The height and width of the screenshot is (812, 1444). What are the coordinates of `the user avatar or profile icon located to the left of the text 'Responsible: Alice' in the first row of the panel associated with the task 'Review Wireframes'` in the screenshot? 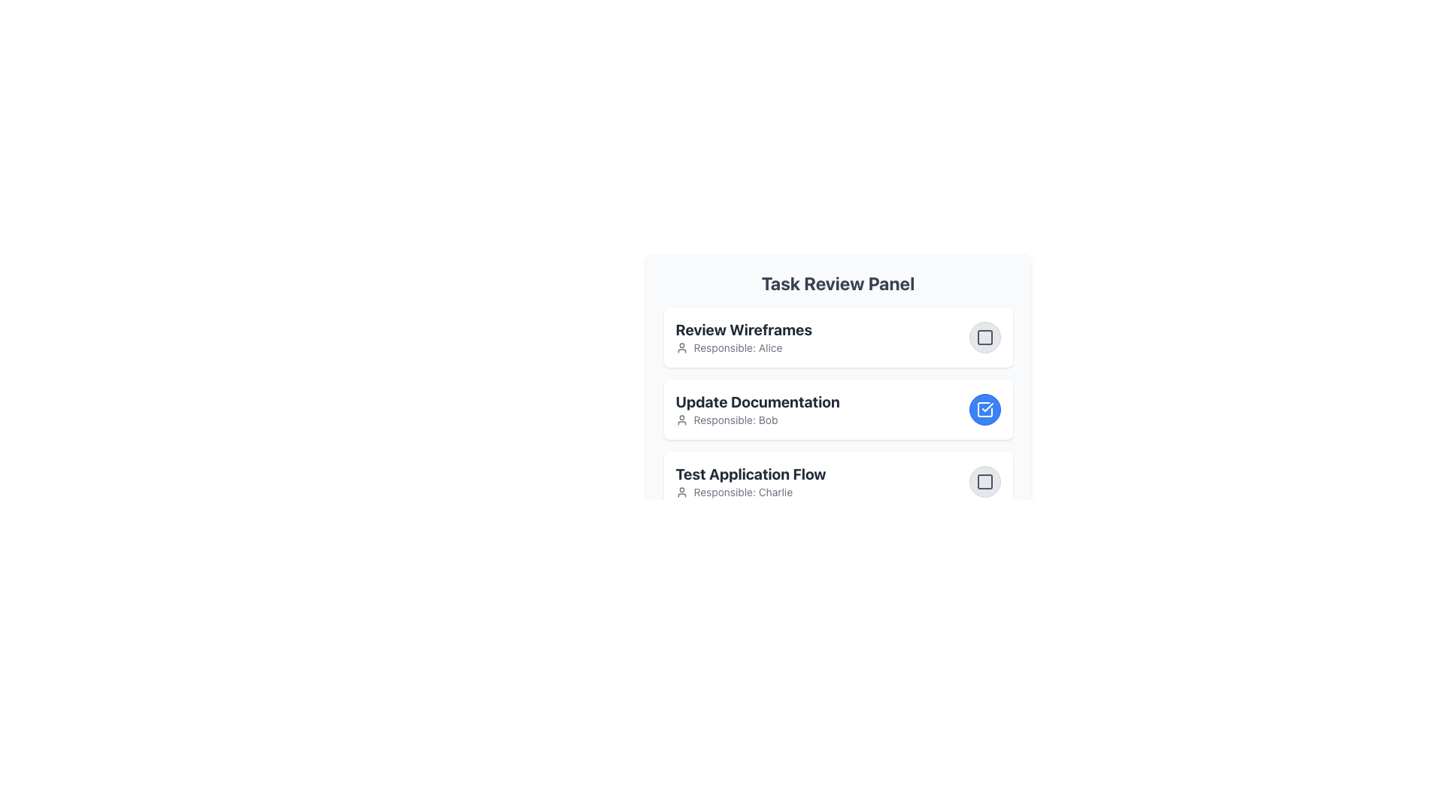 It's located at (681, 347).